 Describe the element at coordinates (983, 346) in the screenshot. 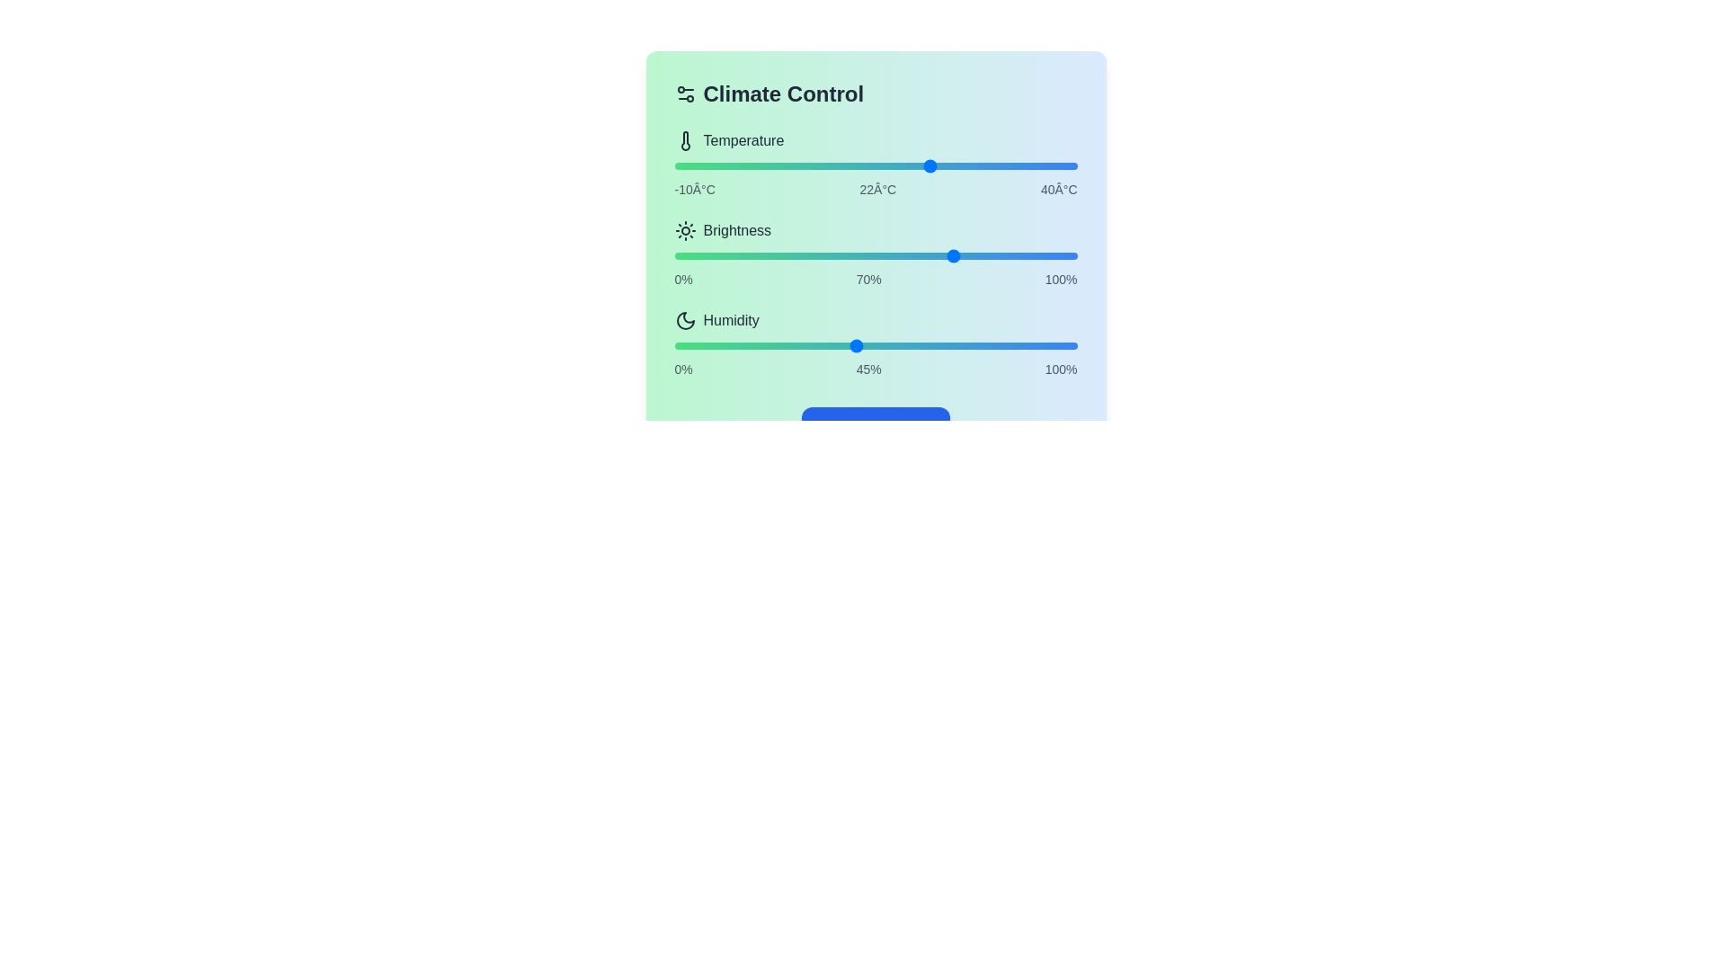

I see `the humidity` at that location.